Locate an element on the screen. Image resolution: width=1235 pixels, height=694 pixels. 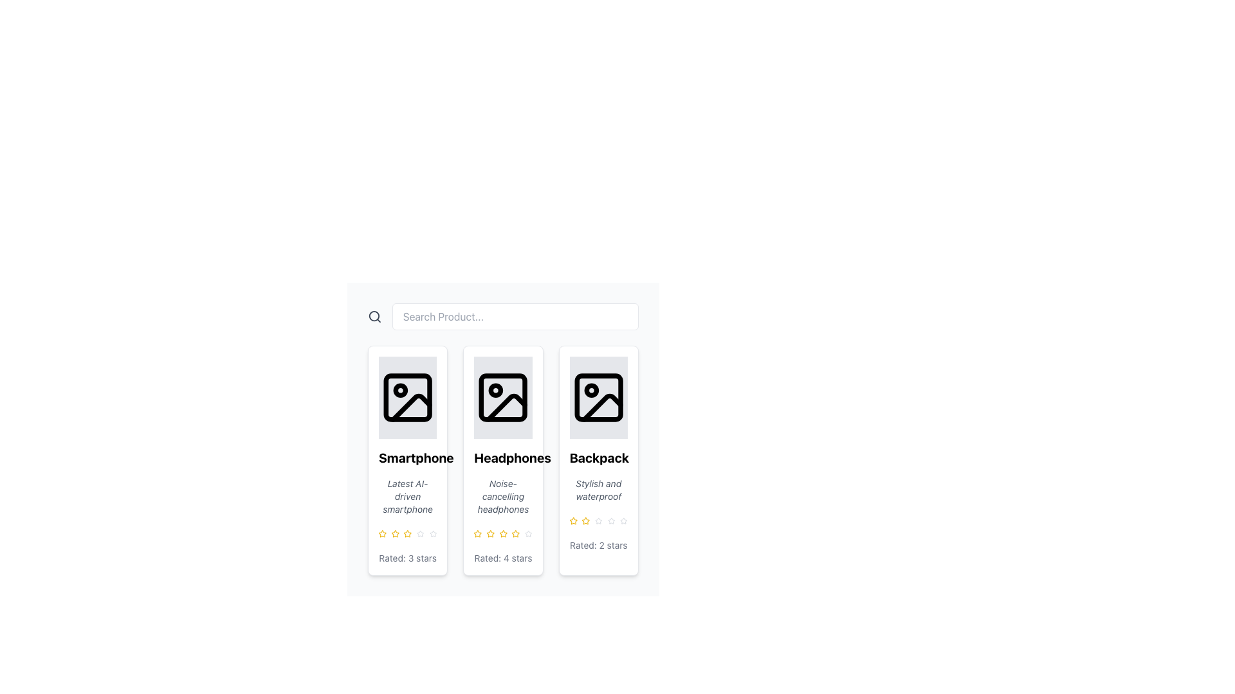
the fourth star icon in the rating stars for the product 'Headphones' is located at coordinates (516, 533).